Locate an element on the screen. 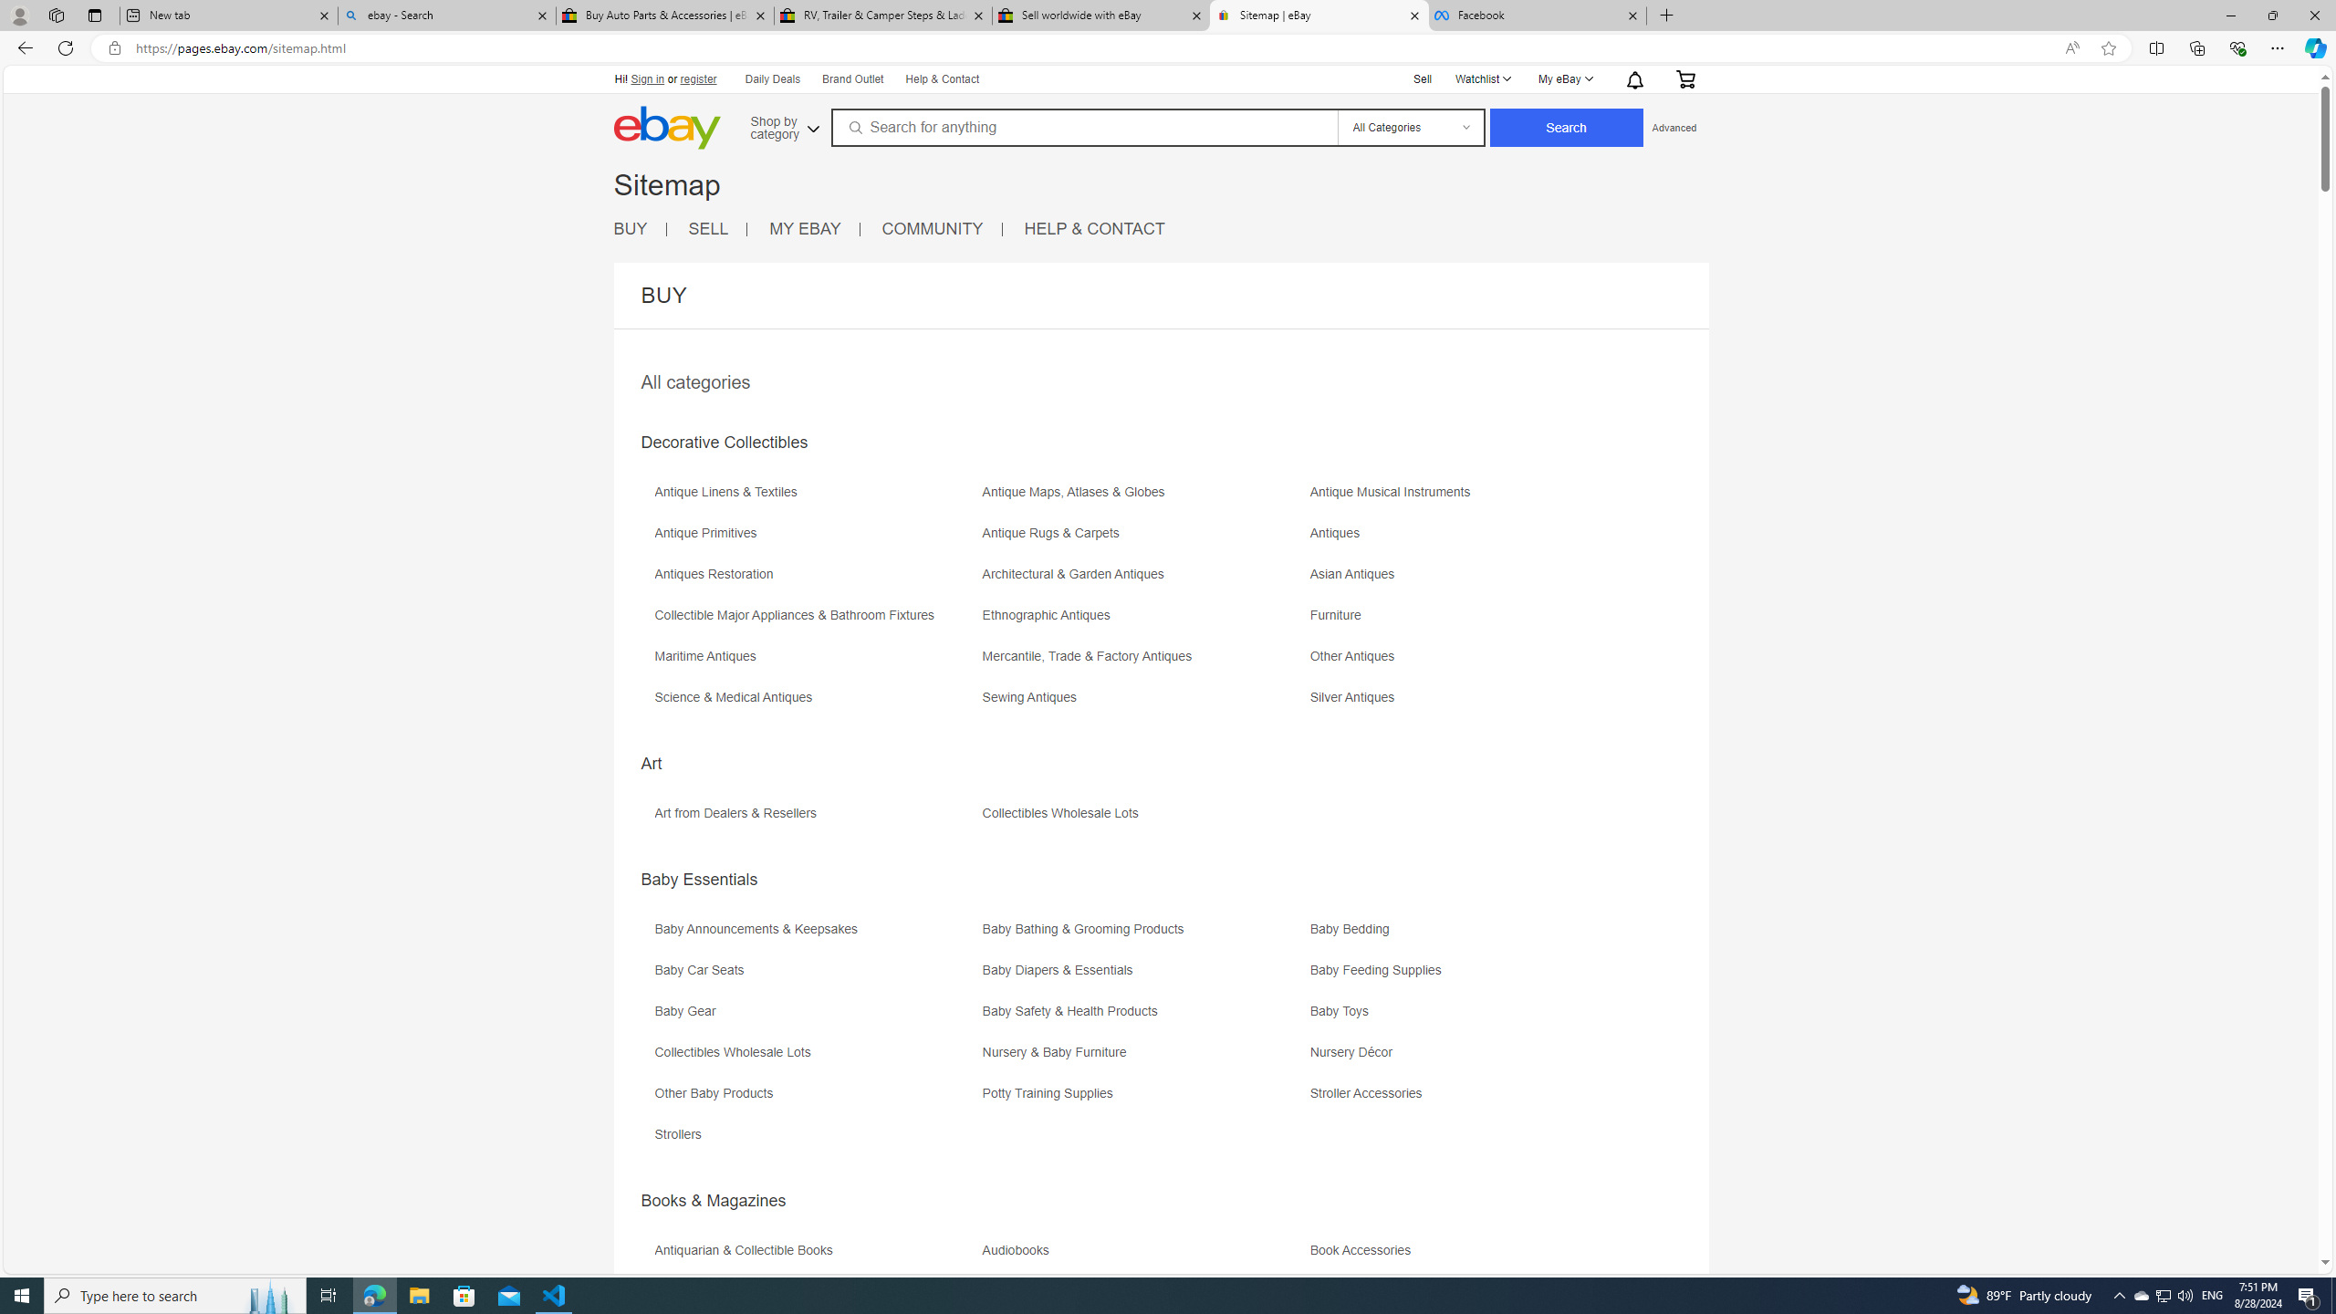  'Collectible Major Appliances & Bathroom Fixtures' is located at coordinates (798, 615).